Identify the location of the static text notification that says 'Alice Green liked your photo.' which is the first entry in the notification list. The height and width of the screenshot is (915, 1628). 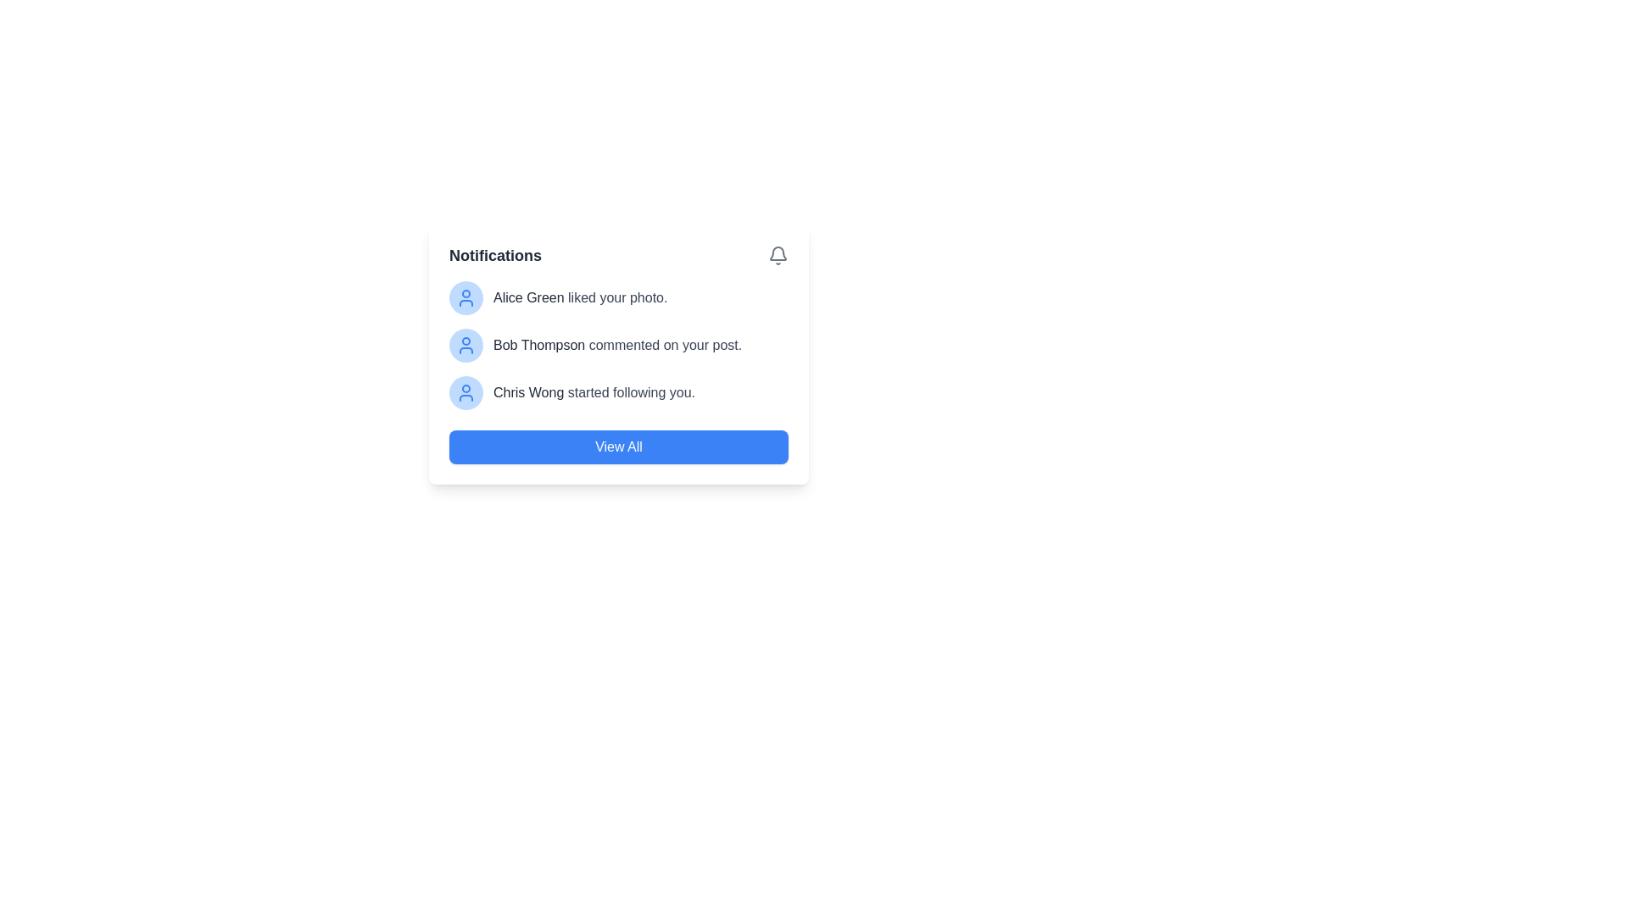
(580, 297).